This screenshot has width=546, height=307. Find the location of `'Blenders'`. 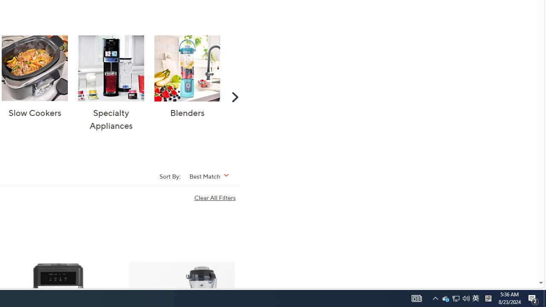

'Blenders' is located at coordinates (187, 68).